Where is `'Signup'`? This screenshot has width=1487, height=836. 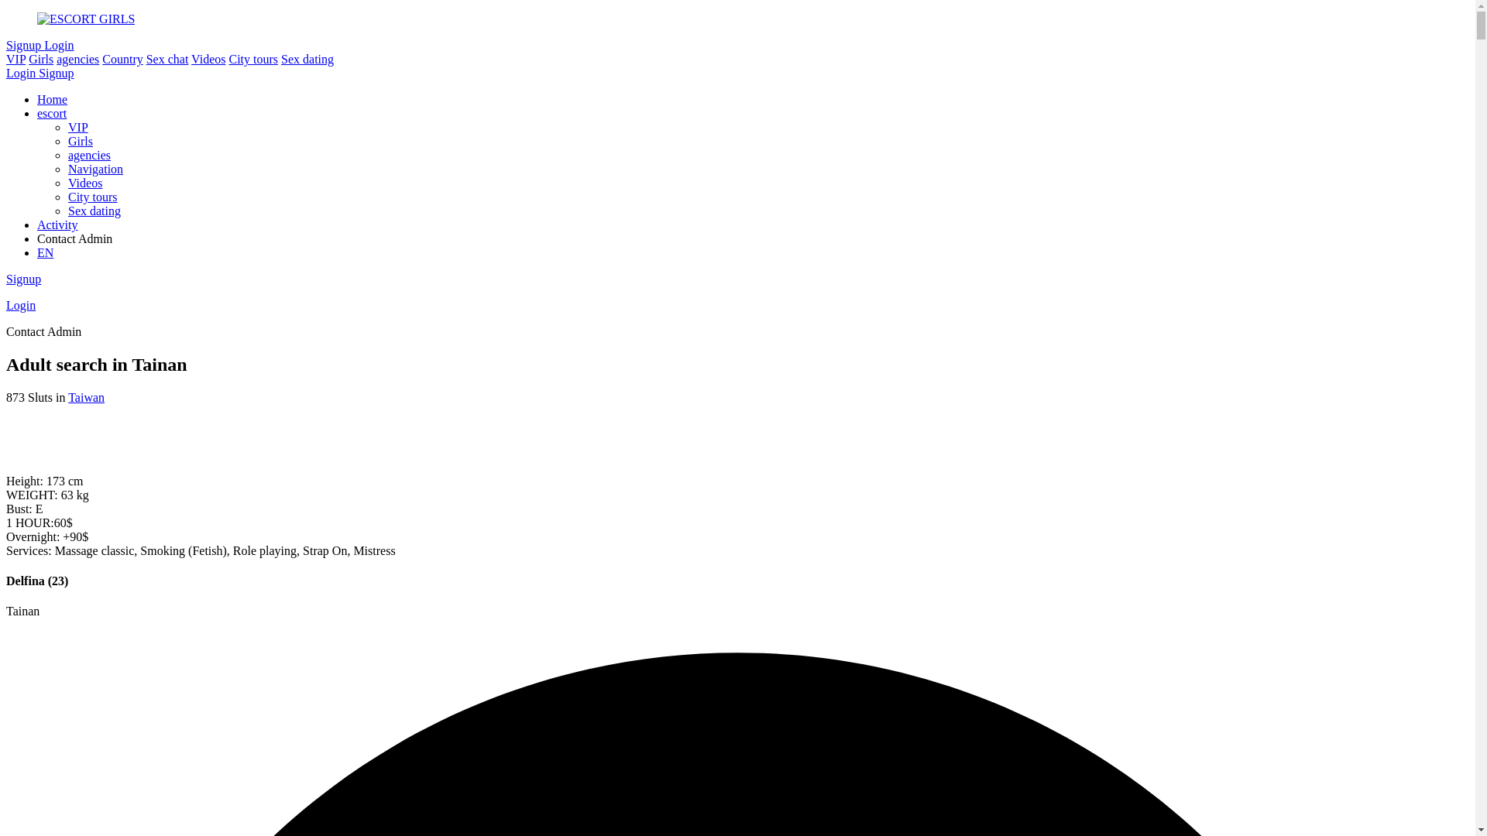
'Signup' is located at coordinates (23, 279).